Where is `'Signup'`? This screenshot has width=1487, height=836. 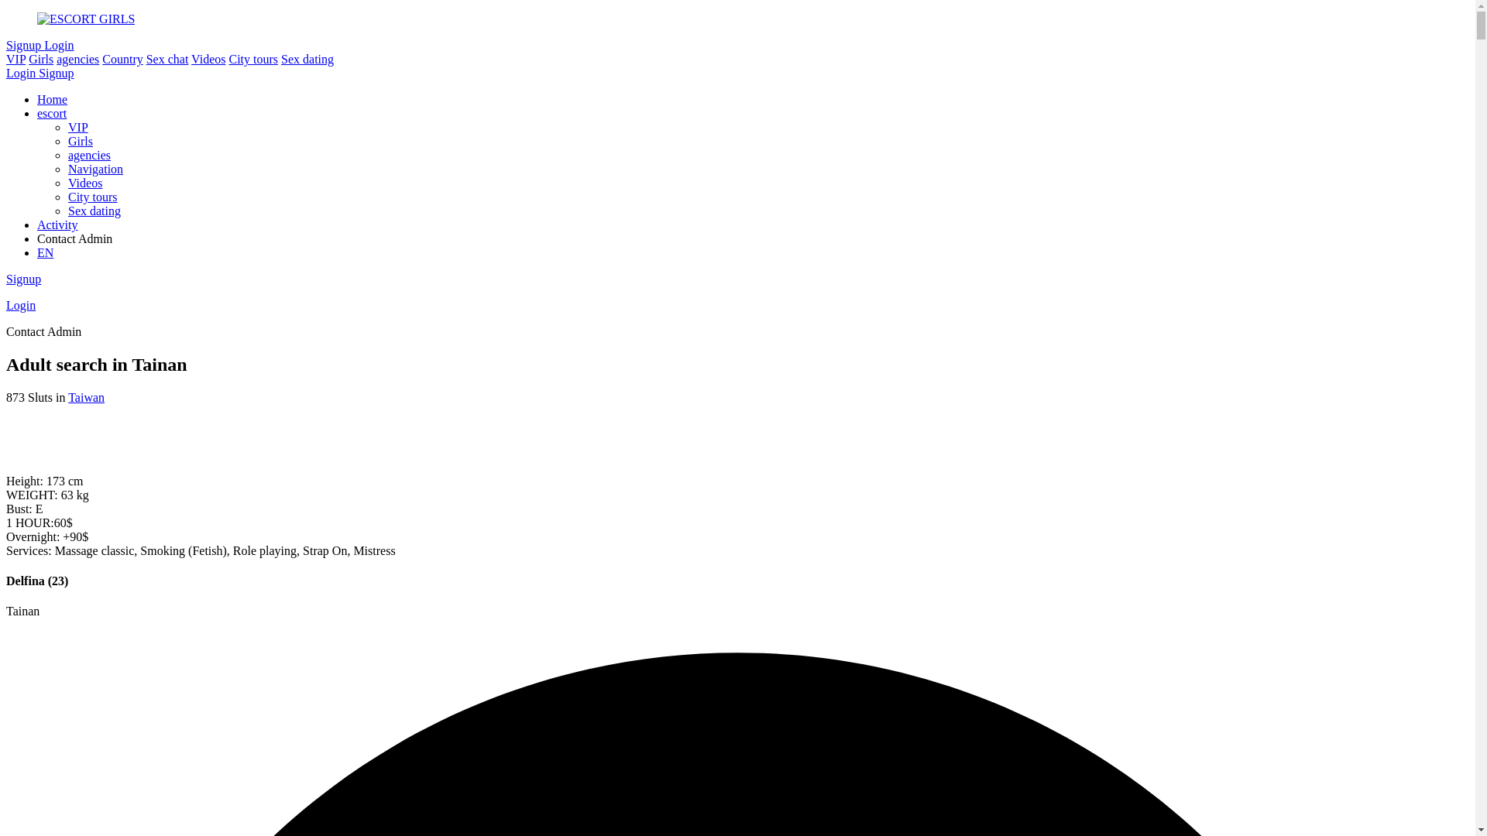
'Signup' is located at coordinates (23, 279).